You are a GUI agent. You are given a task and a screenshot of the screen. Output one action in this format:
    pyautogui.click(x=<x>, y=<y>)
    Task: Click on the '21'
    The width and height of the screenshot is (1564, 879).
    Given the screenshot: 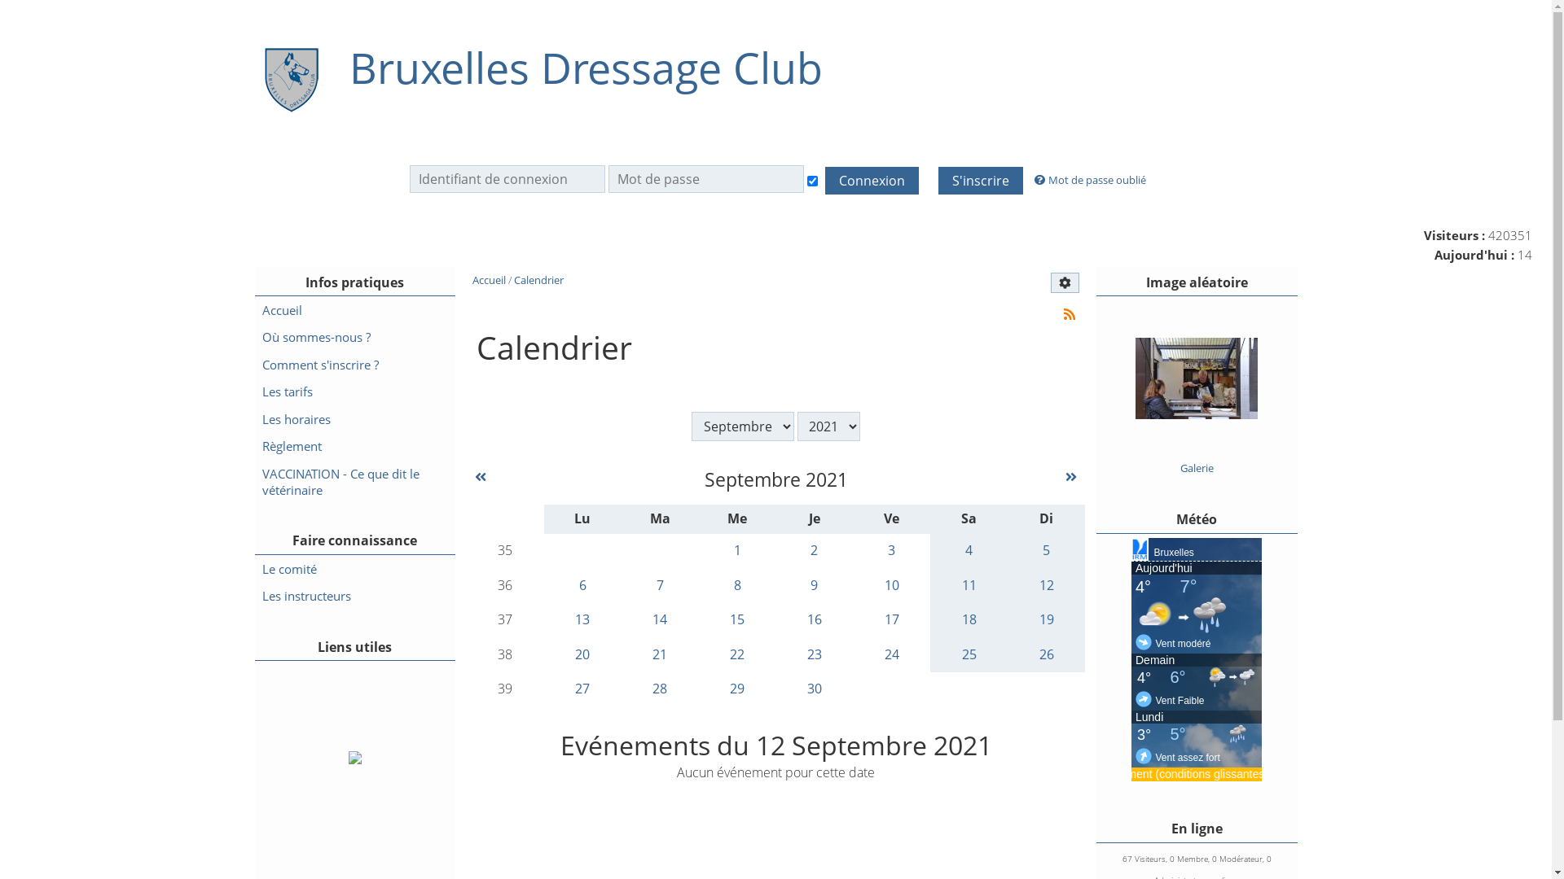 What is the action you would take?
    pyautogui.click(x=621, y=654)
    